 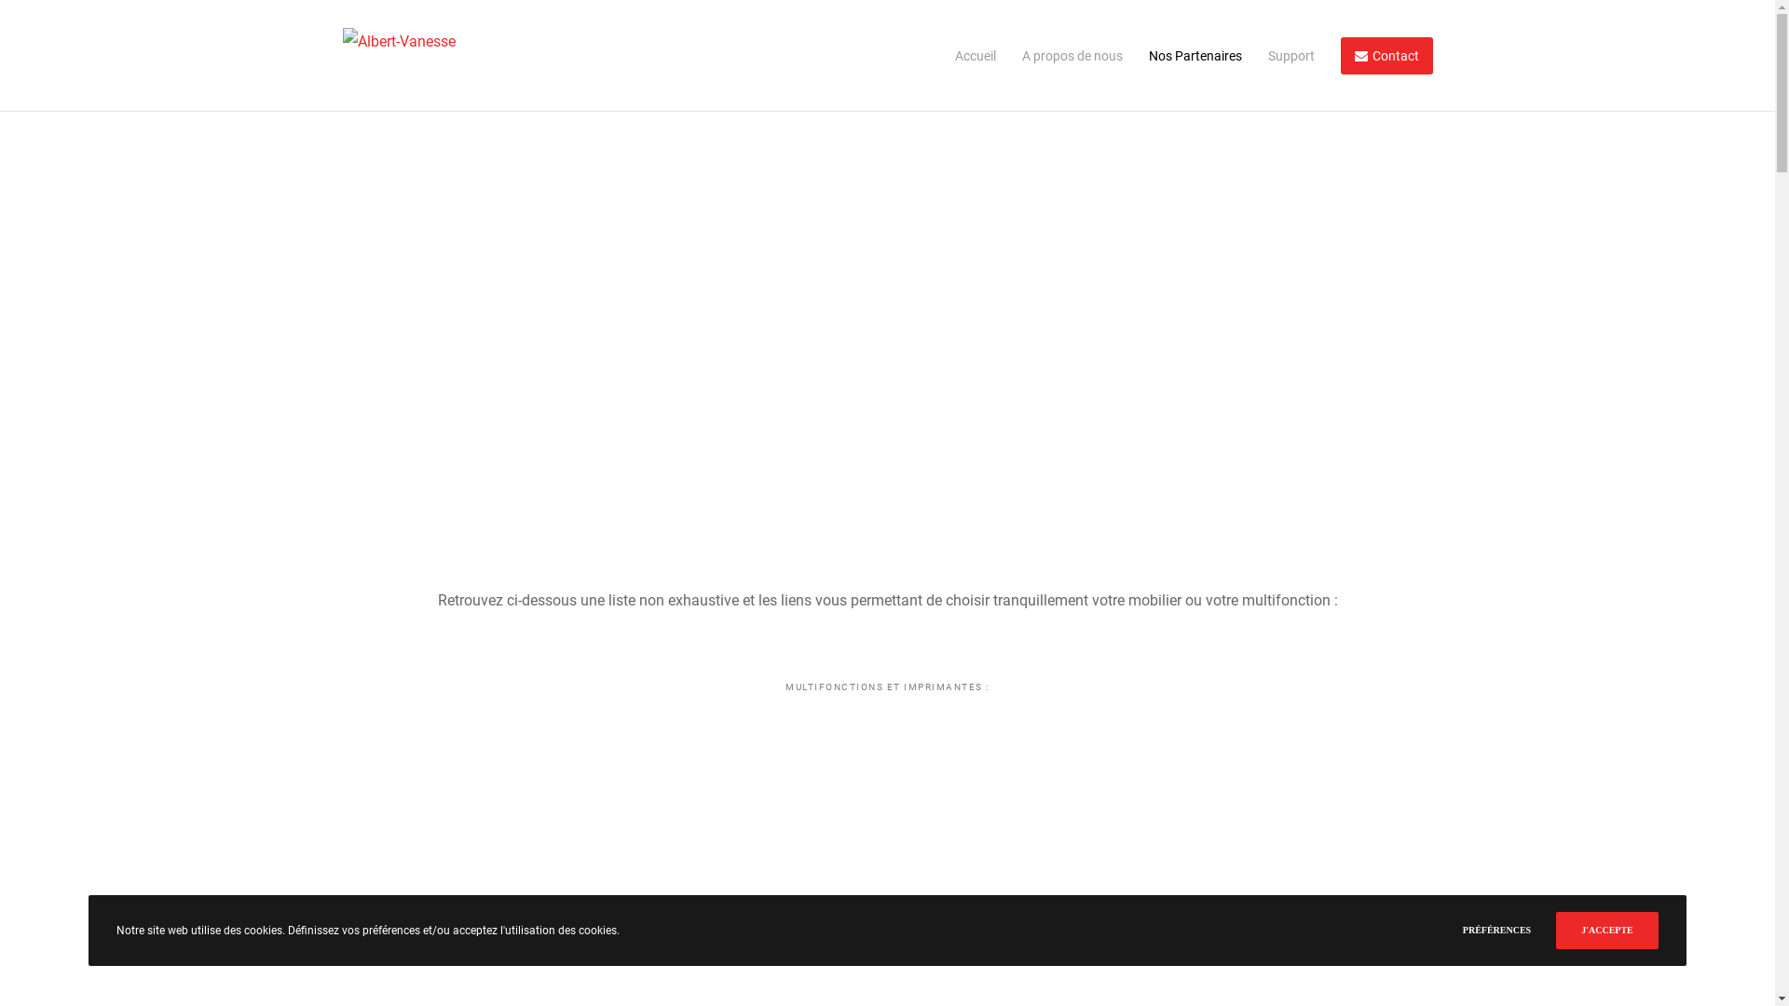 What do you see at coordinates (1180, 55) in the screenshot?
I see `'Nos Partenaires'` at bounding box center [1180, 55].